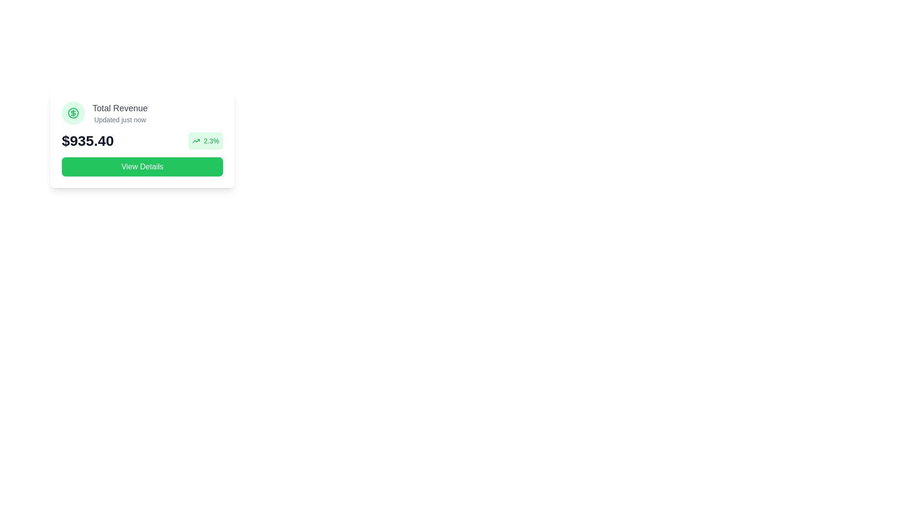 This screenshot has width=921, height=518. I want to click on the currency icon located in the upper-left corner of the 'Total Revenue' card, adjacent to the 'Total Revenue' text, so click(73, 112).